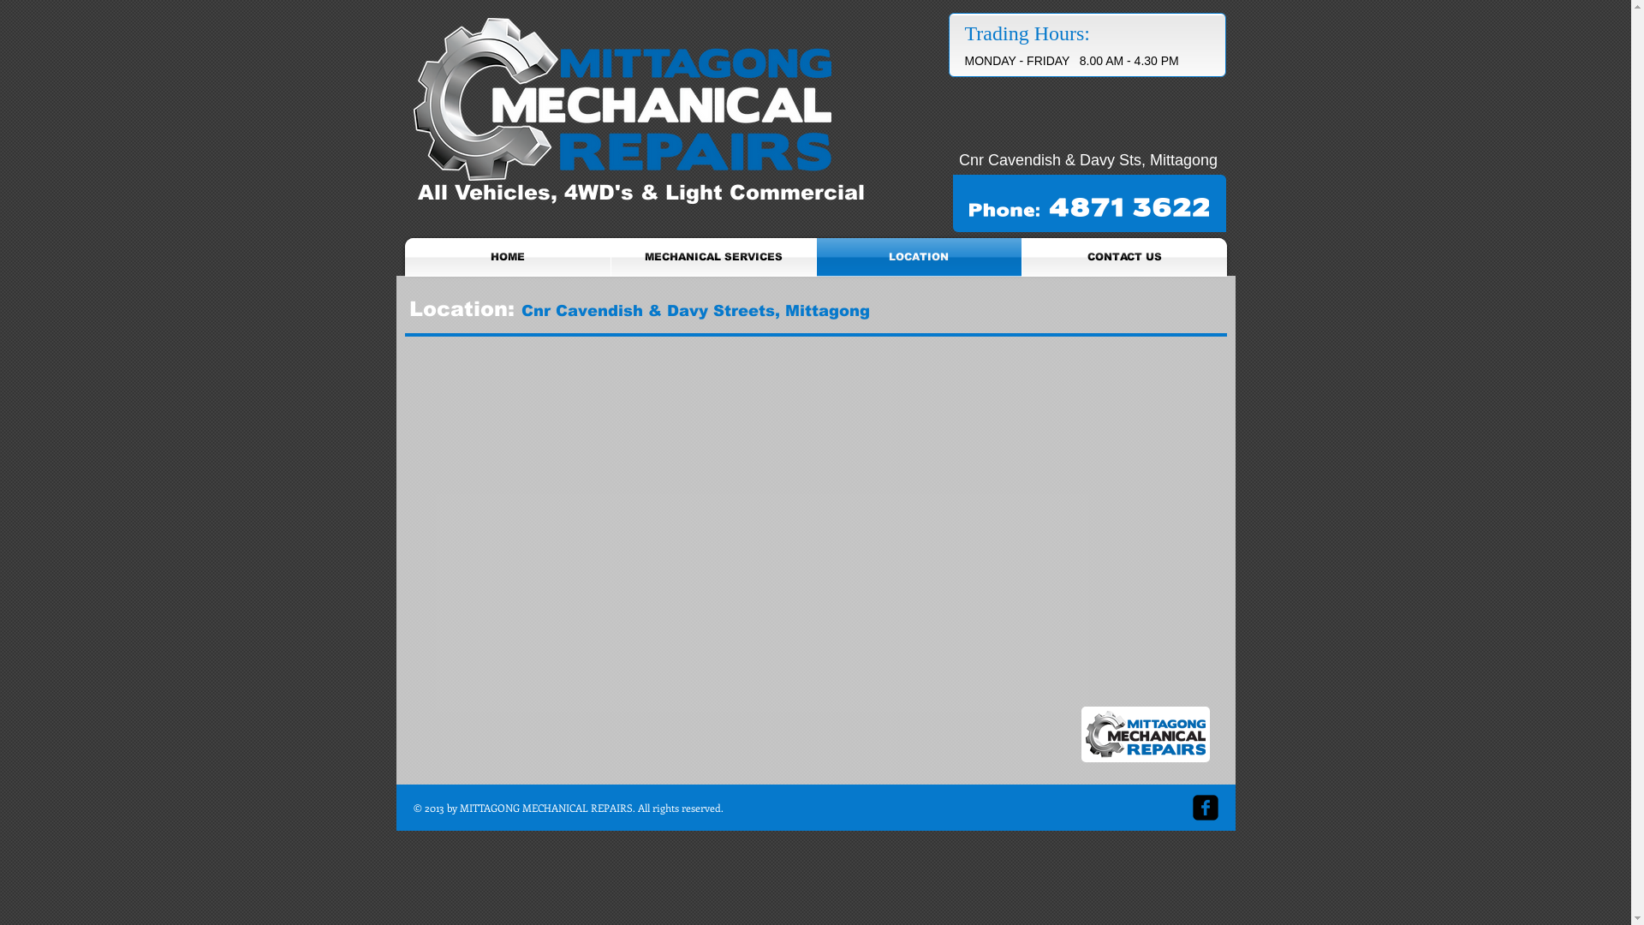 Image resolution: width=1644 pixels, height=925 pixels. I want to click on 'HOME', so click(505, 257).